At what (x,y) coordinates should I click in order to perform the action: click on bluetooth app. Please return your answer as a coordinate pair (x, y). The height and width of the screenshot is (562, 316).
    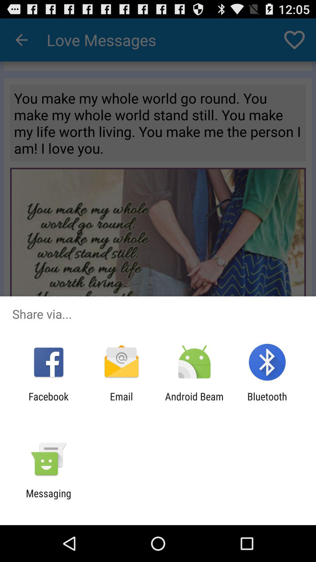
    Looking at the image, I should click on (267, 402).